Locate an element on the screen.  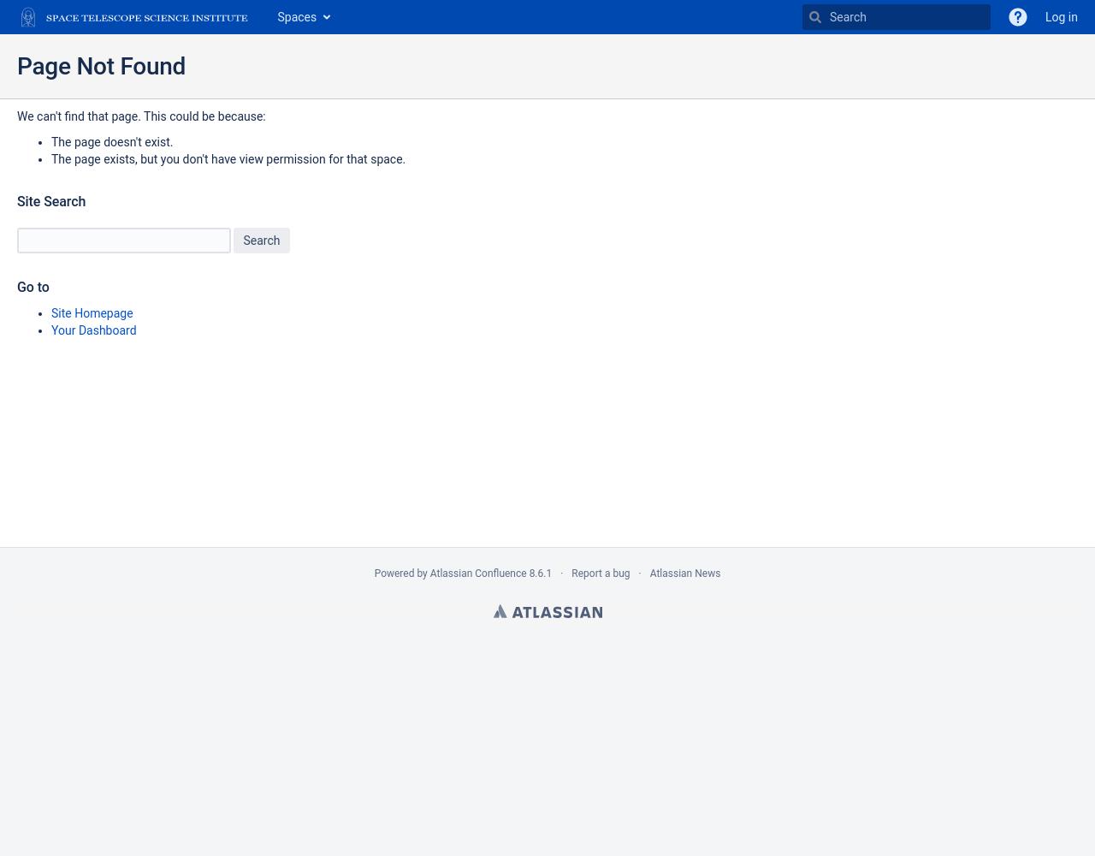
'Go to' is located at coordinates (33, 286).